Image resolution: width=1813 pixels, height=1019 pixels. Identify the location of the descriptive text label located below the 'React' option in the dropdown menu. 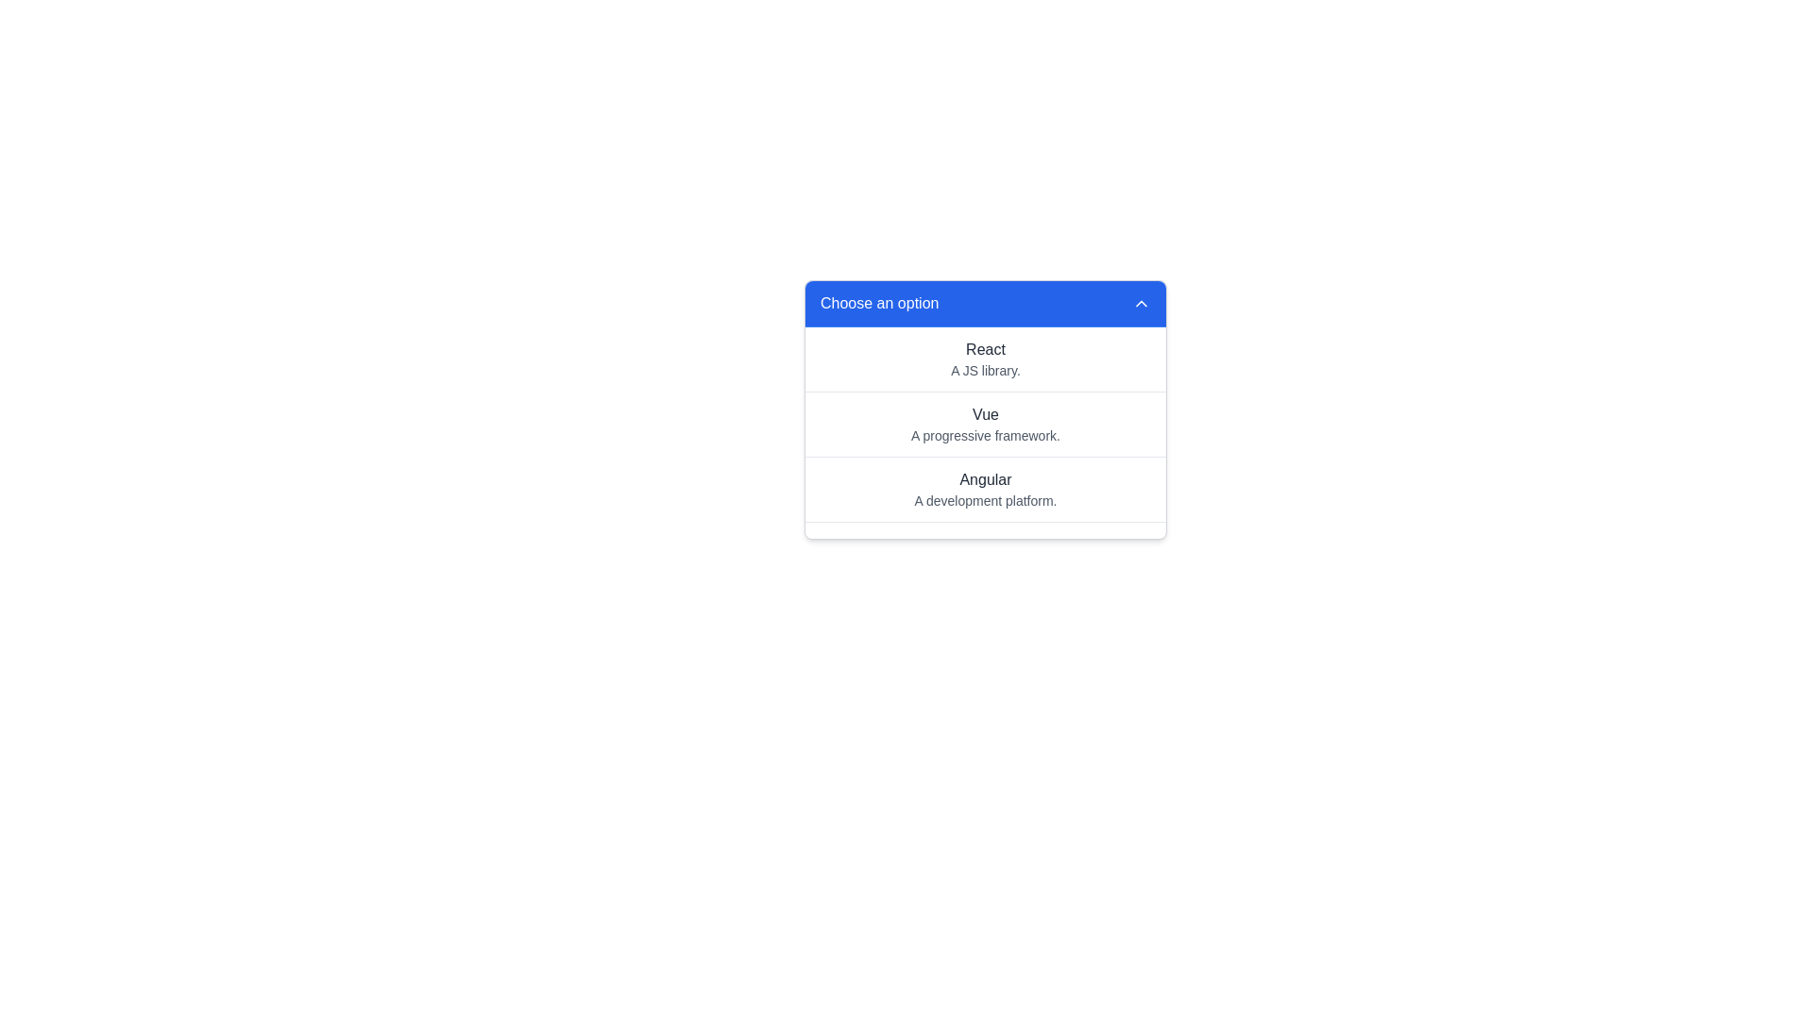
(984, 371).